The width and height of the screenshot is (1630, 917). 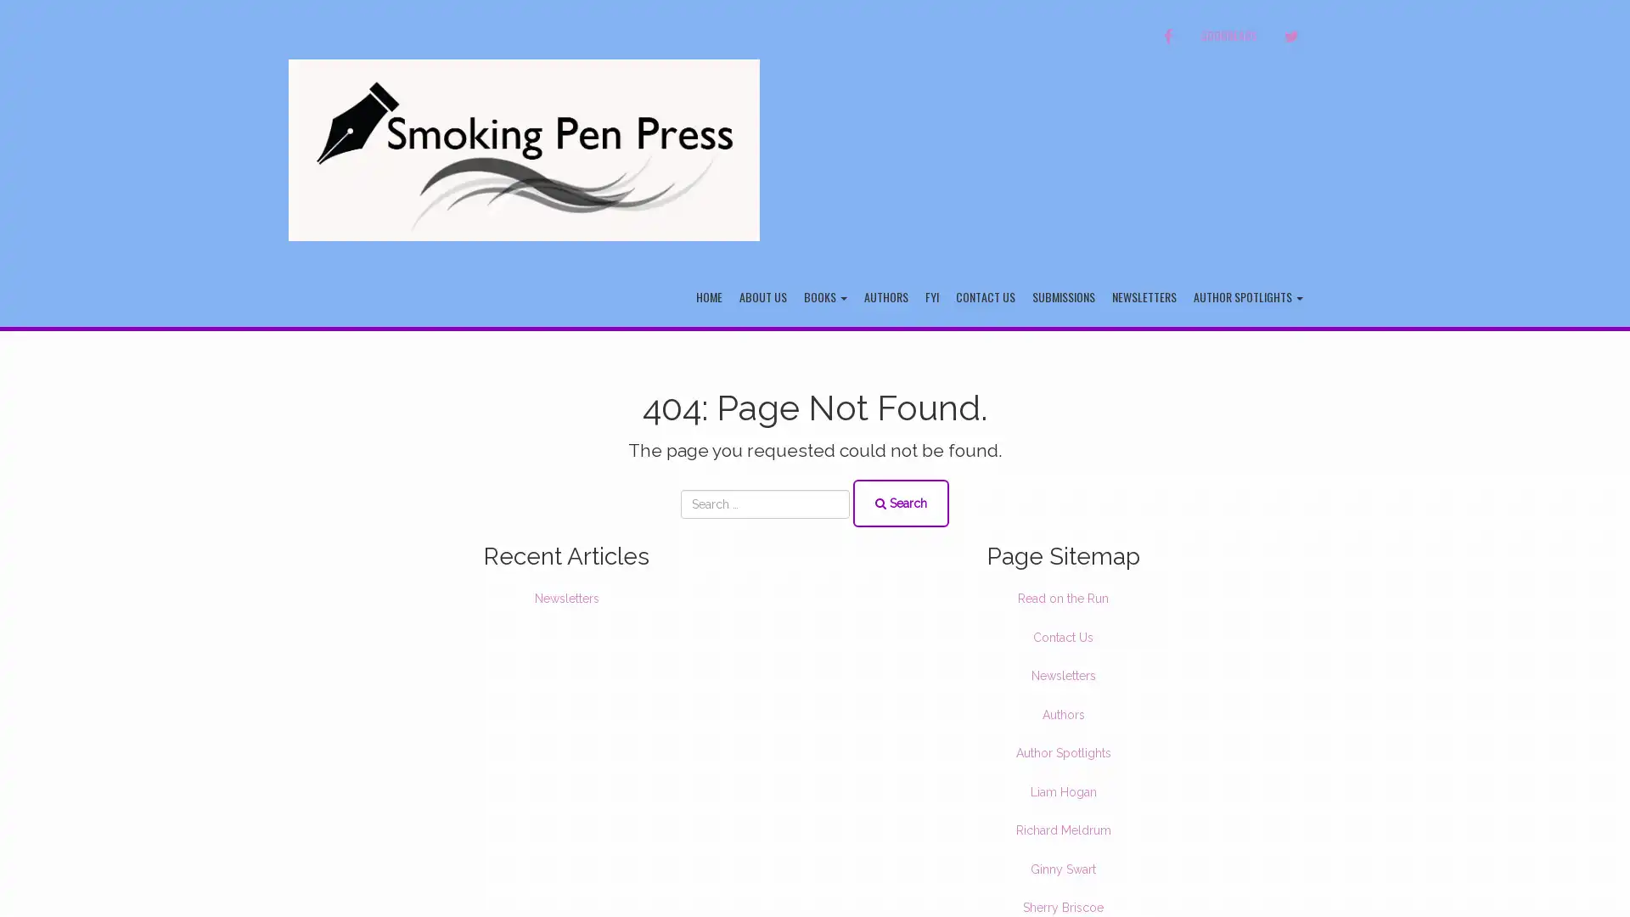 I want to click on Search, so click(x=900, y=502).